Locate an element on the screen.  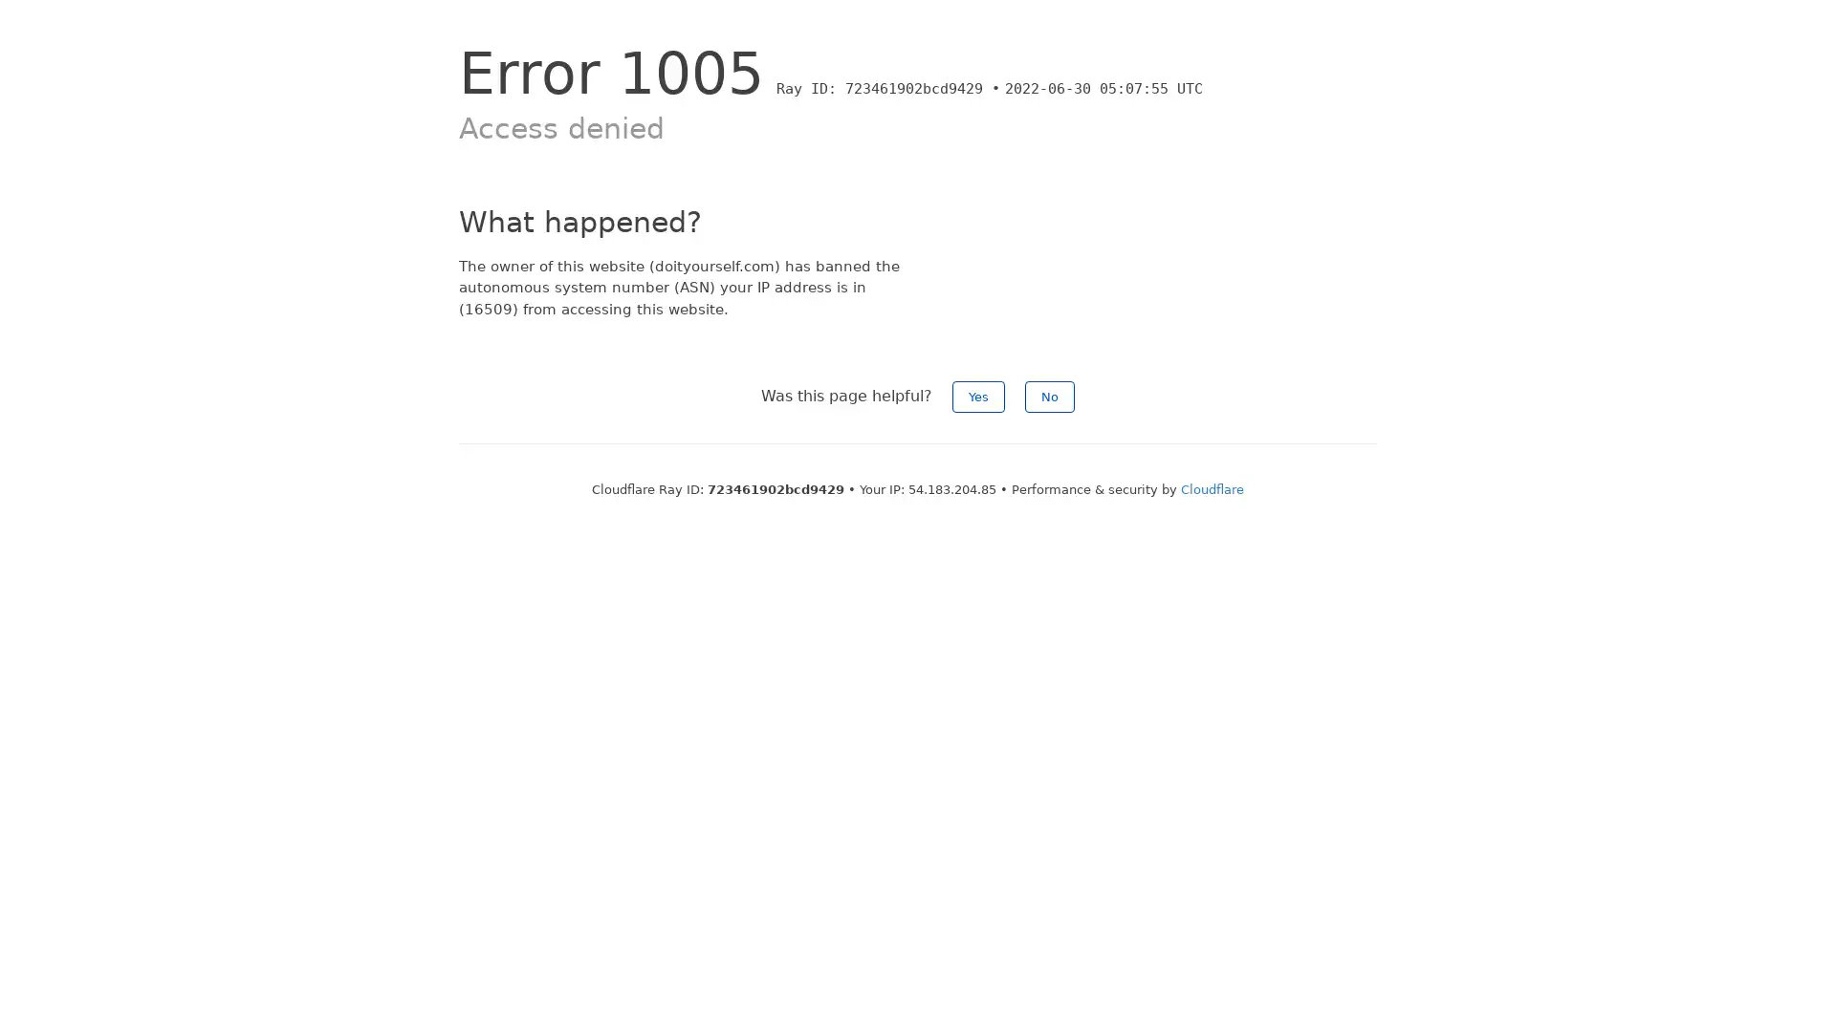
Yes is located at coordinates (978, 396).